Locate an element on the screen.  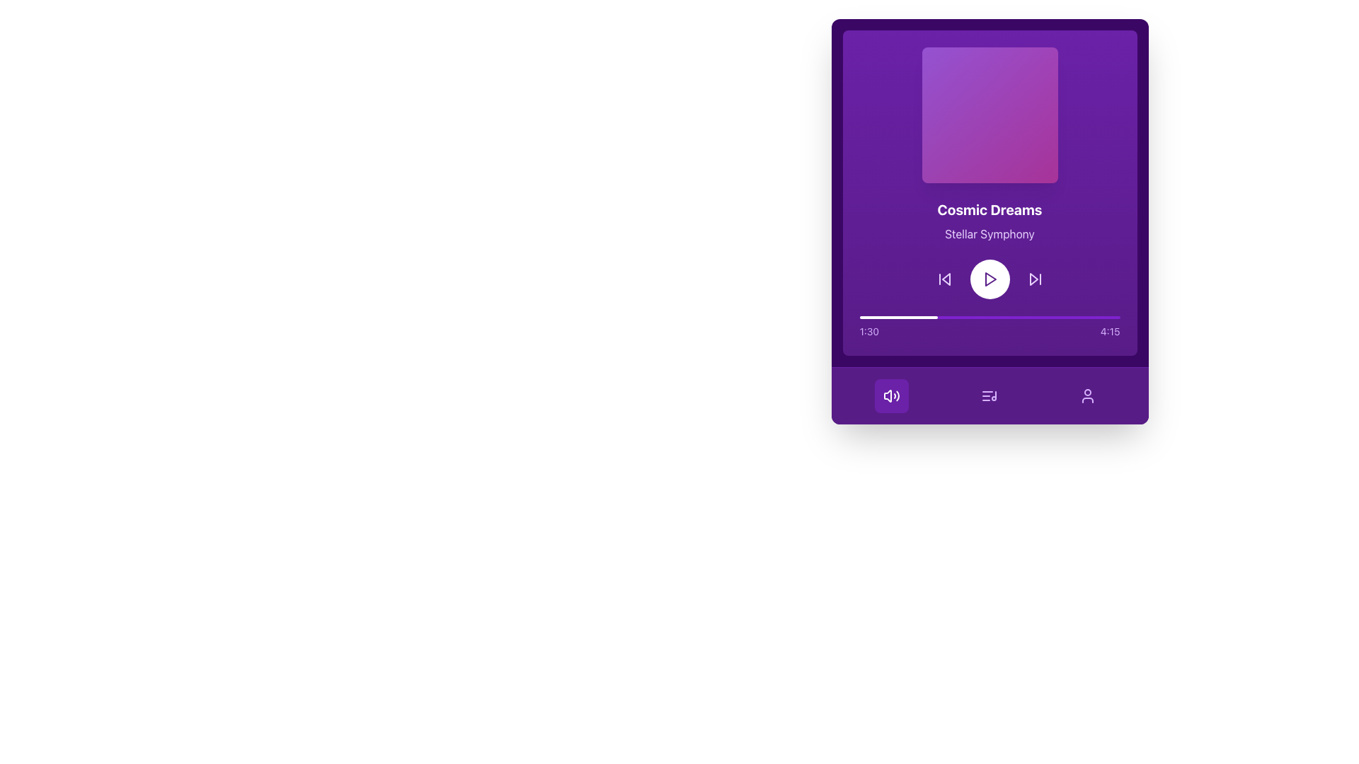
text label displaying '1:30', which is light purple on a dark purple background, located at the left side of the music player's progress bar is located at coordinates (868, 332).